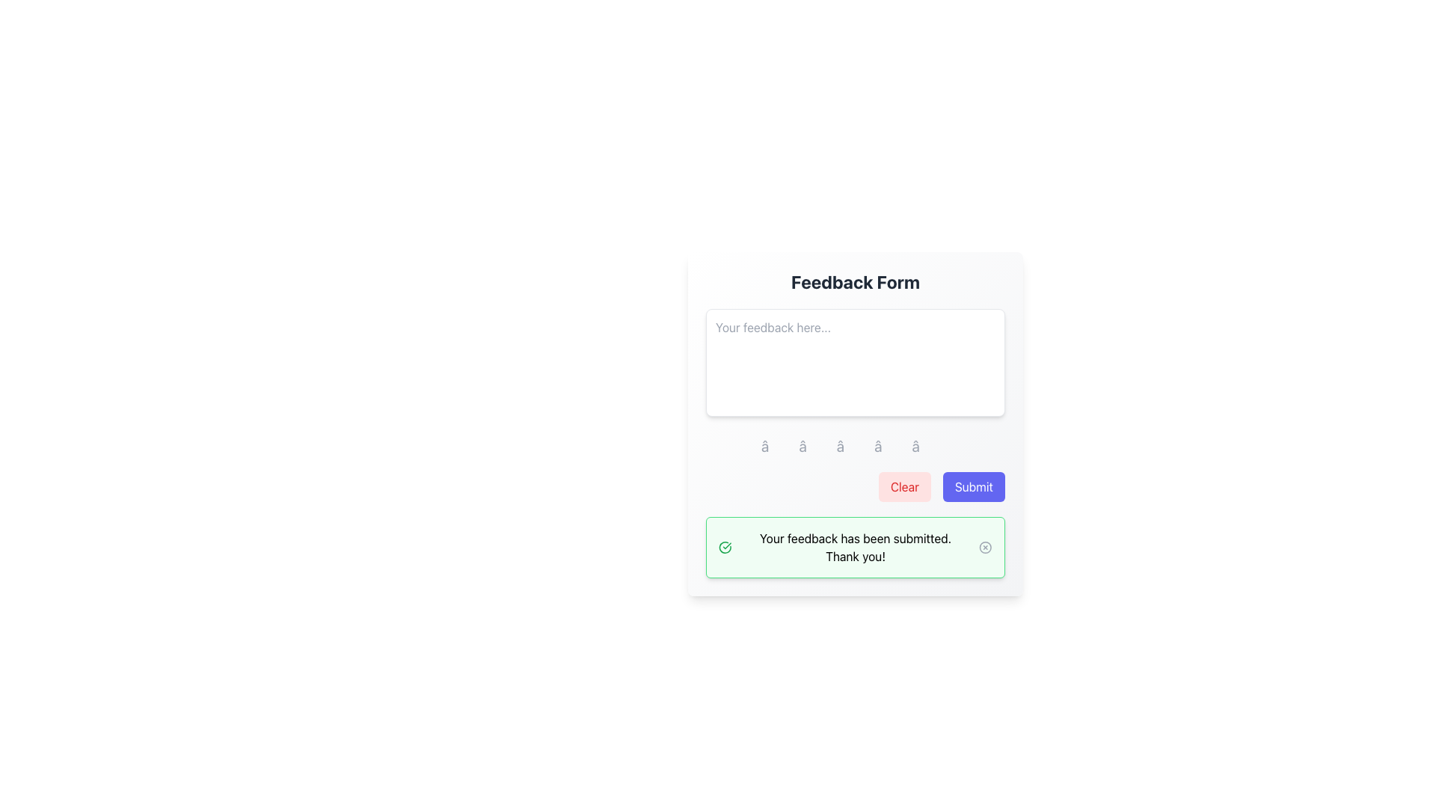 This screenshot has width=1436, height=808. Describe the element at coordinates (986, 548) in the screenshot. I see `the button icon with an 'X' mark inside a light gray circle, located at the far-right of the notification area that says 'Your feedback has been submitted. Thank you!'. This button changes to a darker gray when hovered over` at that location.